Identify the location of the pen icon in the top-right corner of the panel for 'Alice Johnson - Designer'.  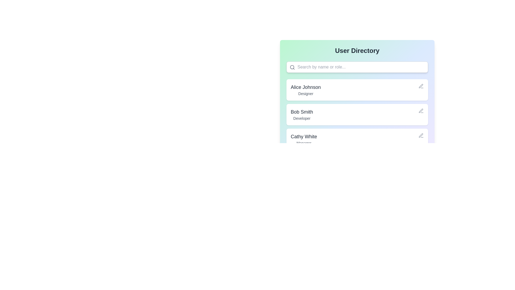
(421, 86).